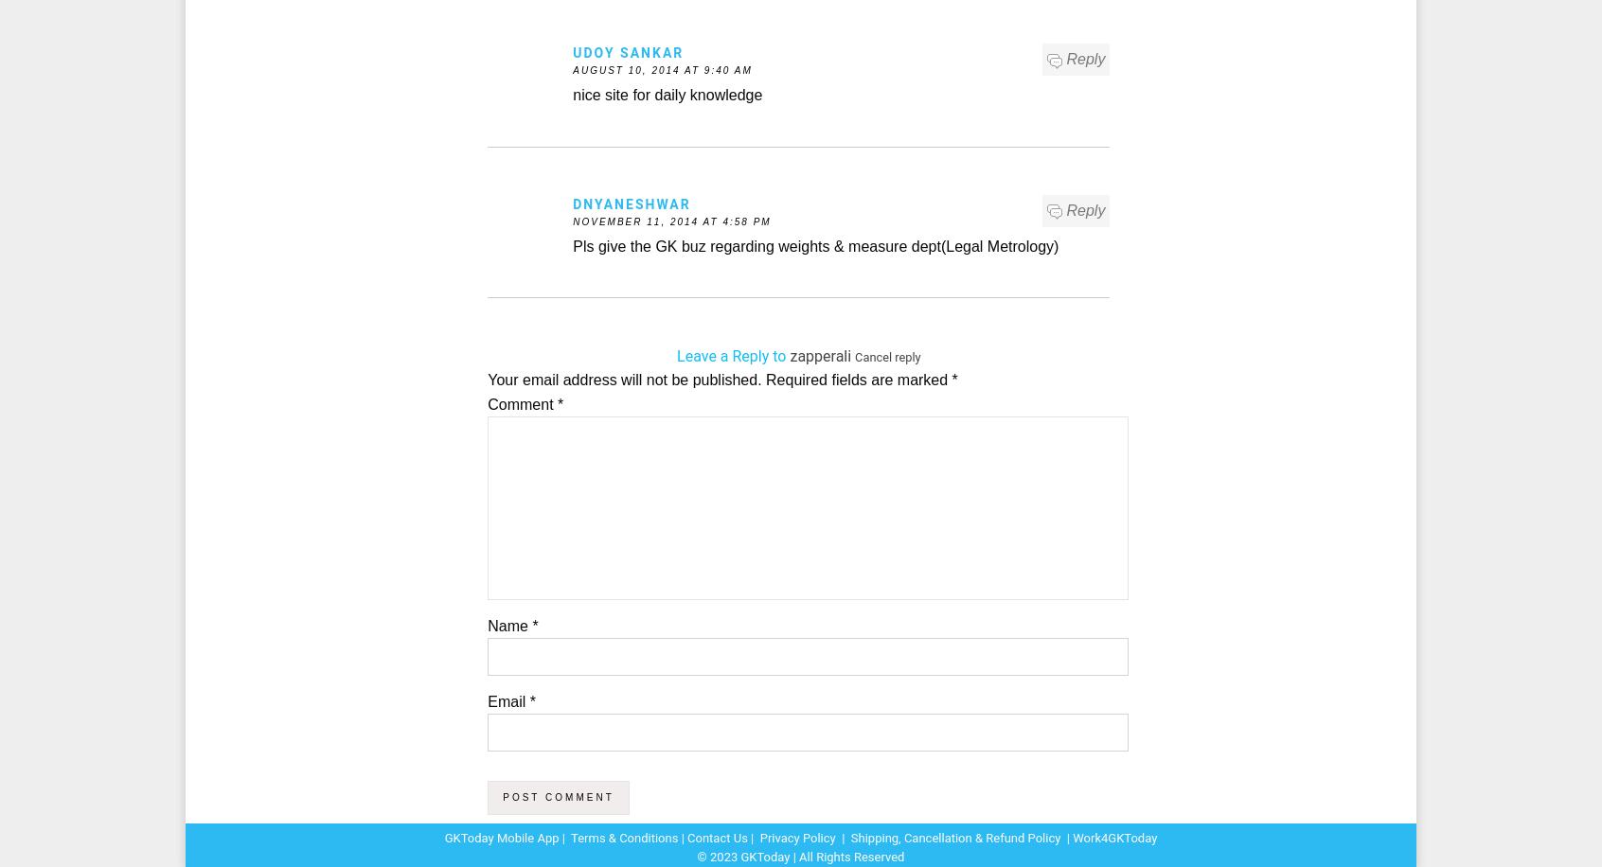 Image resolution: width=1602 pixels, height=867 pixels. What do you see at coordinates (623, 837) in the screenshot?
I see `'Terms & Conditions'` at bounding box center [623, 837].